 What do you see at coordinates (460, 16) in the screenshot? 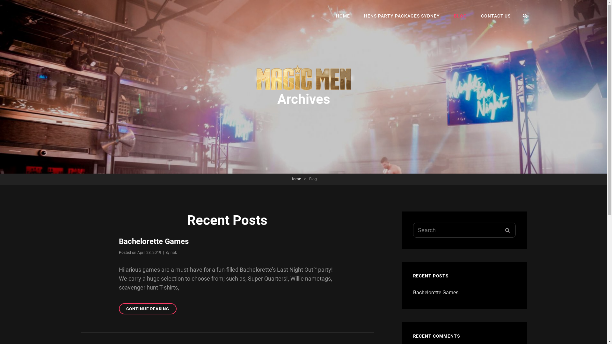
I see `'BLOG'` at bounding box center [460, 16].